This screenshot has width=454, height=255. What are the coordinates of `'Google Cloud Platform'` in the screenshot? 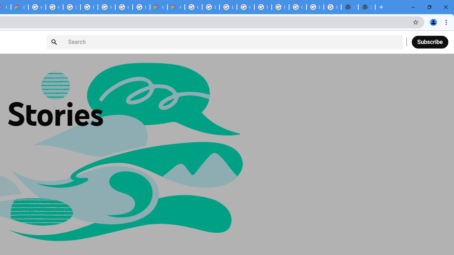 It's located at (193, 7).